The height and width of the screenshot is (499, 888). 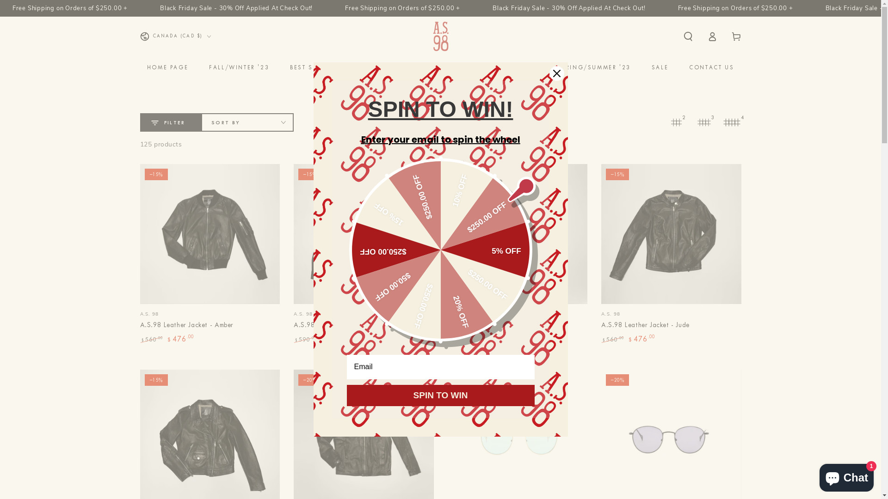 What do you see at coordinates (703, 122) in the screenshot?
I see `'3'` at bounding box center [703, 122].